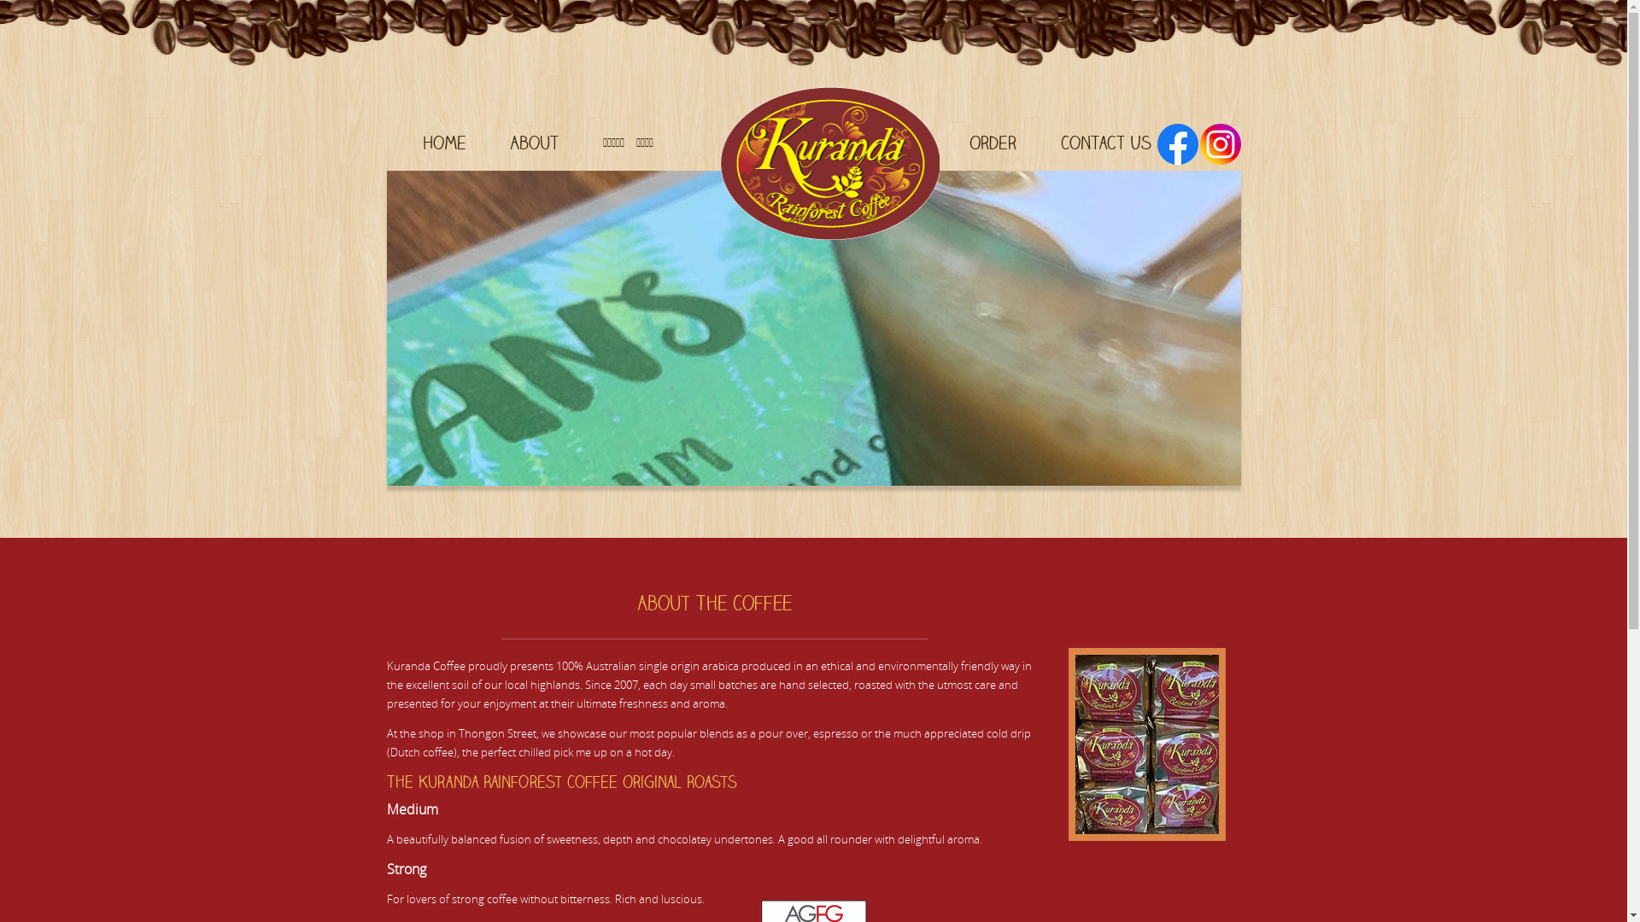  What do you see at coordinates (992, 141) in the screenshot?
I see `'Order'` at bounding box center [992, 141].